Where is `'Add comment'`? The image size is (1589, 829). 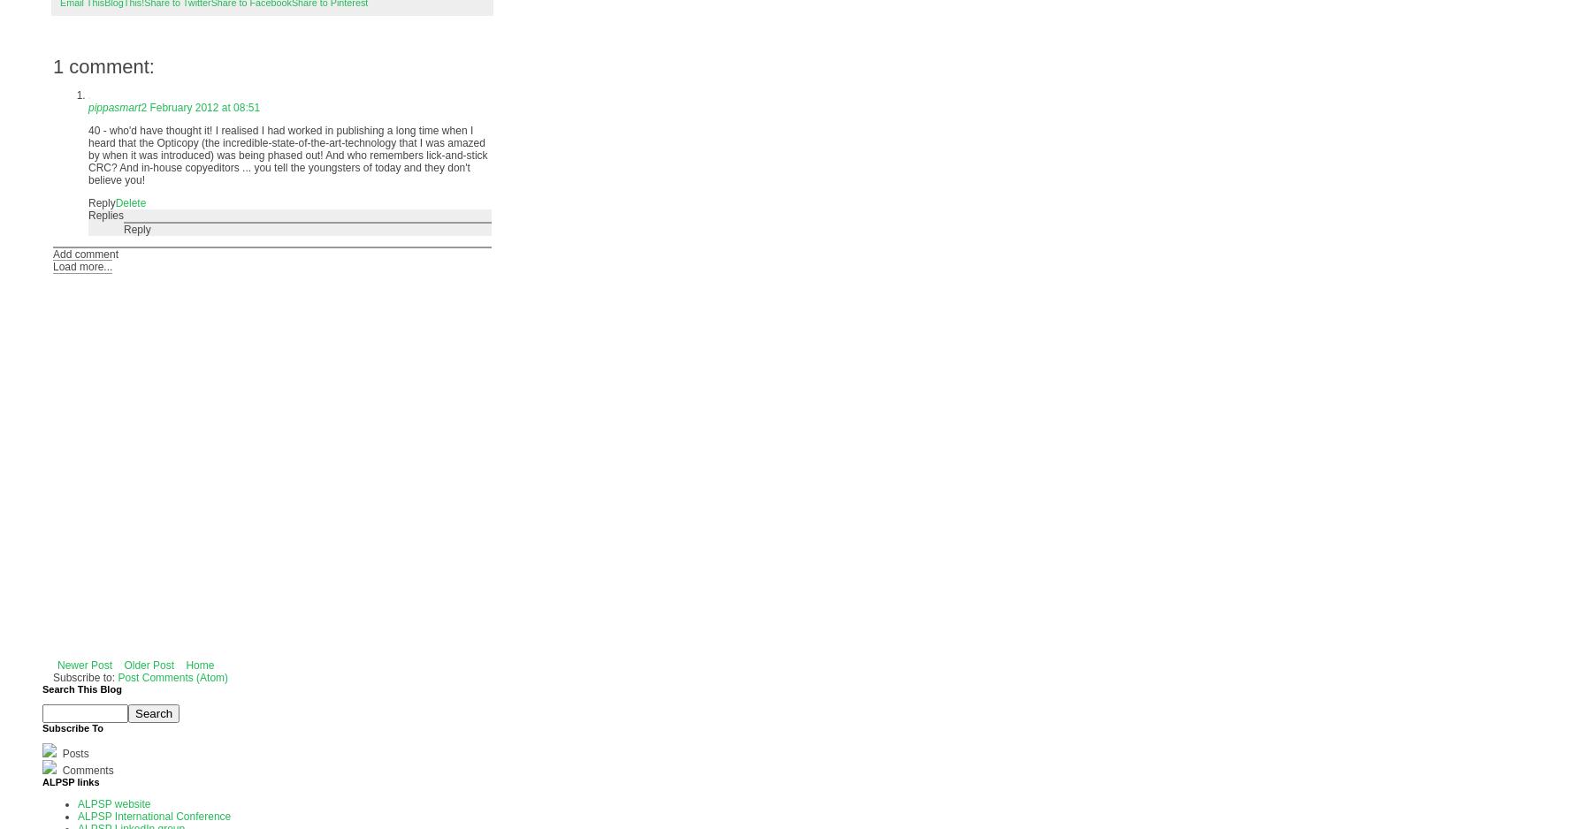 'Add comment' is located at coordinates (52, 254).